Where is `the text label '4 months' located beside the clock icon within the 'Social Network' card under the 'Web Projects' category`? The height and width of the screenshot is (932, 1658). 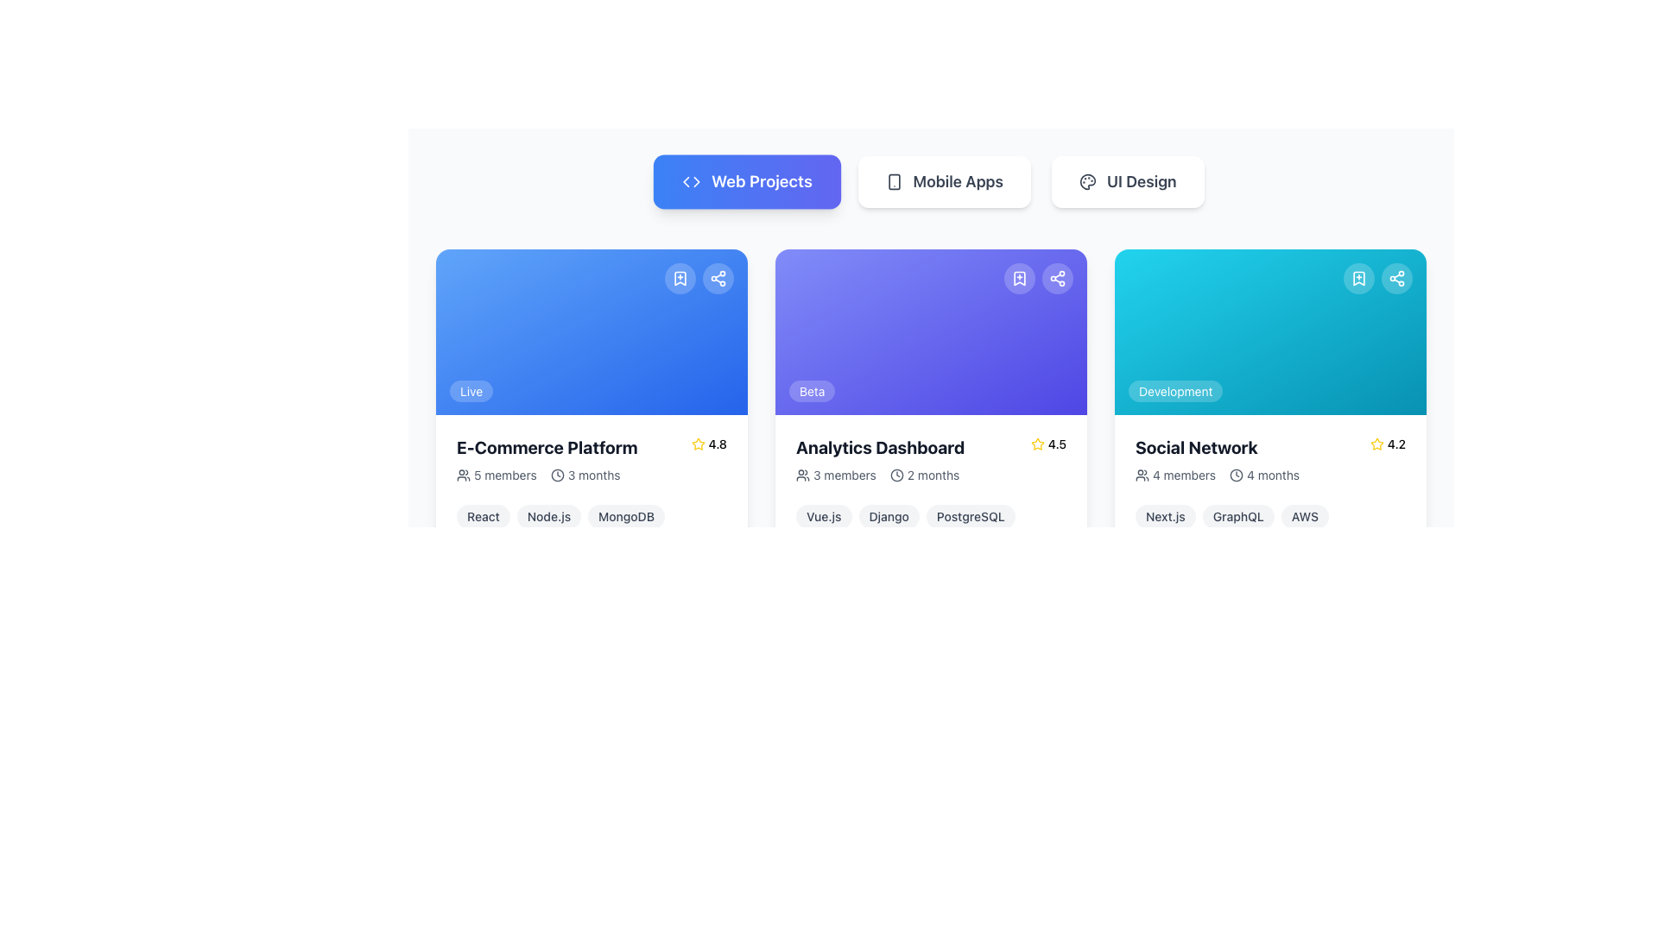 the text label '4 months' located beside the clock icon within the 'Social Network' card under the 'Web Projects' category is located at coordinates (1273, 475).